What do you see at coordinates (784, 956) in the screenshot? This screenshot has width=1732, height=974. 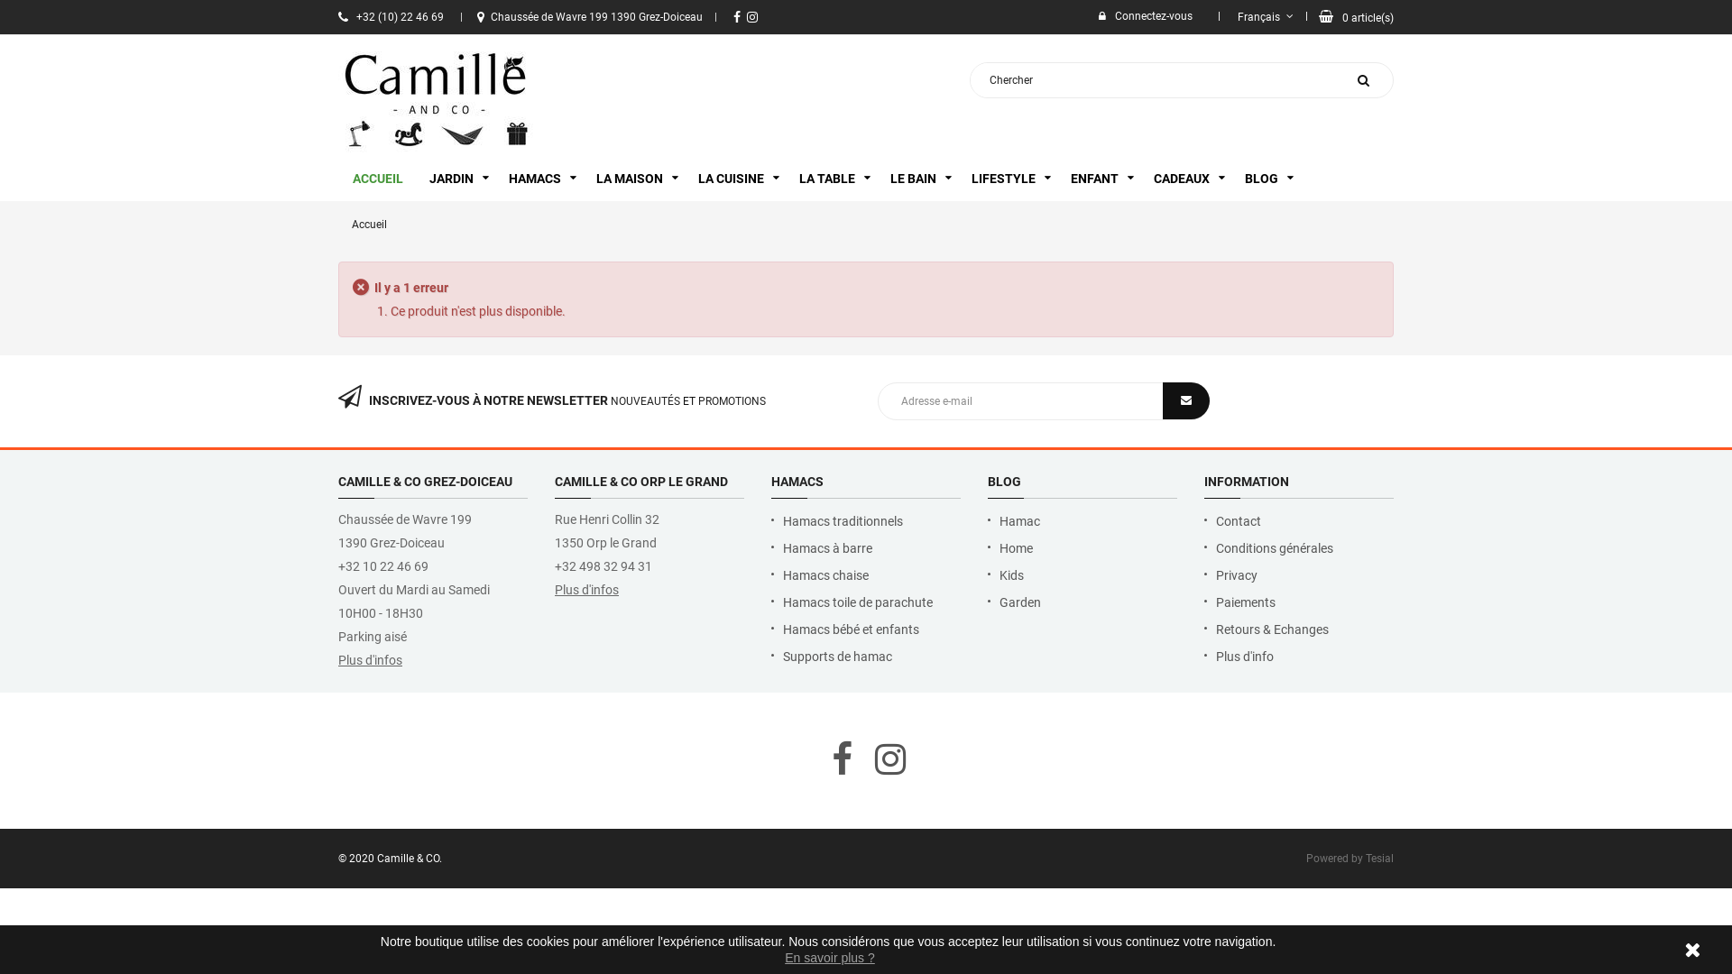 I see `'En savoir plus ?'` at bounding box center [784, 956].